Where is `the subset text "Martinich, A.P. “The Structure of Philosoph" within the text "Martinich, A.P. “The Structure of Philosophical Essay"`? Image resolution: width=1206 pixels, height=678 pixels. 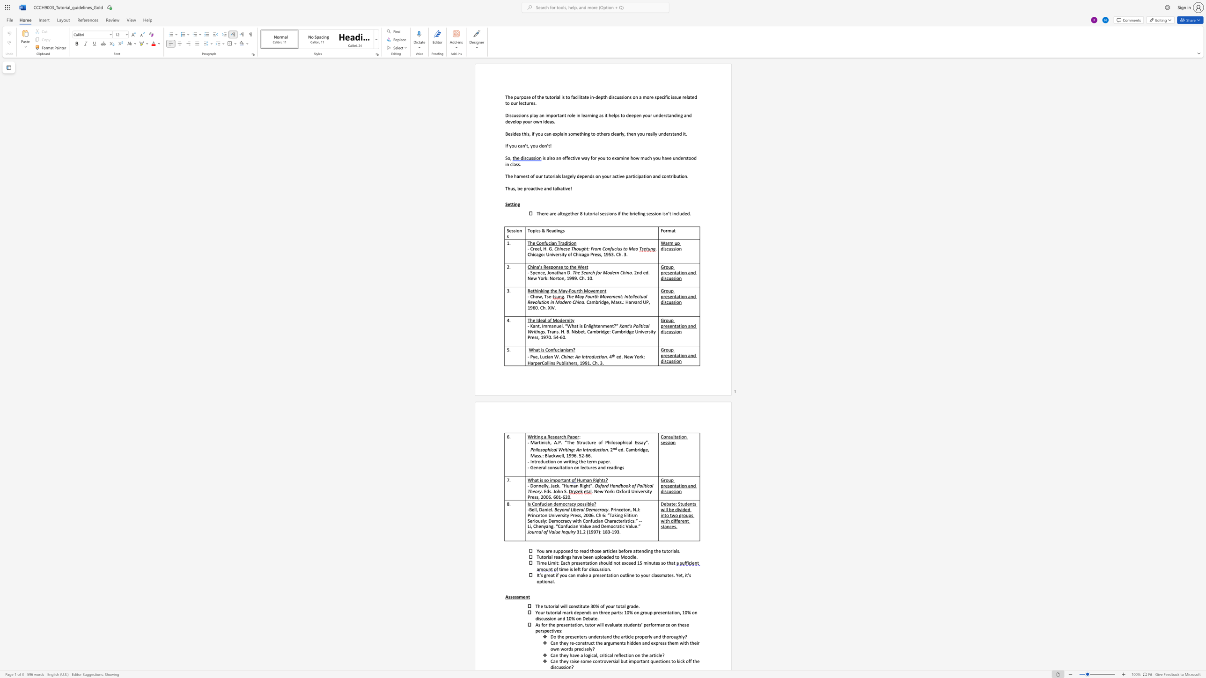 the subset text "Martinich, A.P. “The Structure of Philosoph" within the text "Martinich, A.P. “The Structure of Philosophical Essay" is located at coordinates (530, 442).